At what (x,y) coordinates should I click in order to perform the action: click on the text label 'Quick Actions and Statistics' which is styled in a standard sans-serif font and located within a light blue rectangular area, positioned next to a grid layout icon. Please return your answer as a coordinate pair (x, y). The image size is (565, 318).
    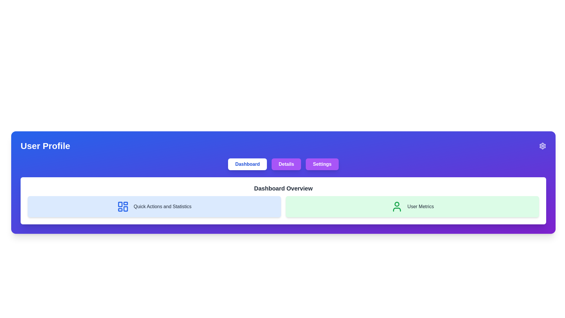
    Looking at the image, I should click on (162, 206).